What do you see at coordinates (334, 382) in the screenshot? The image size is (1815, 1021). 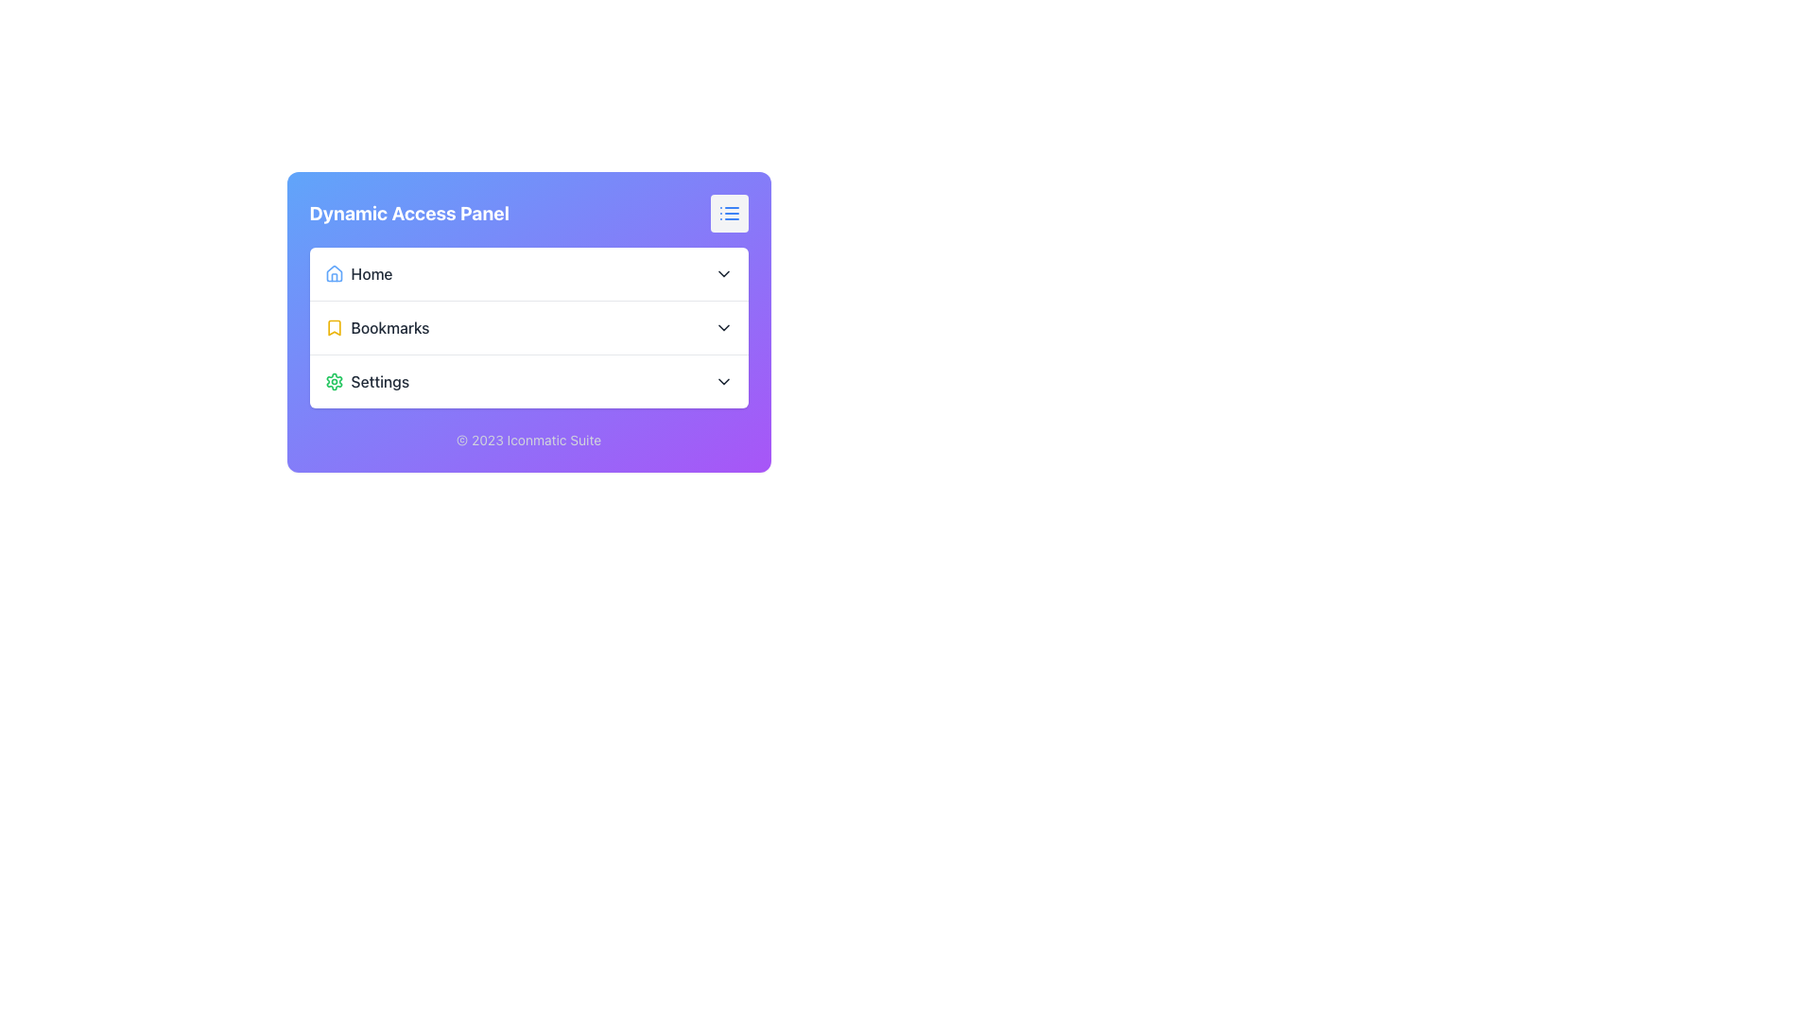 I see `the visual indicator icon located to the left of the 'Settings' text in the menu options to associate it with the 'Settings' text` at bounding box center [334, 382].